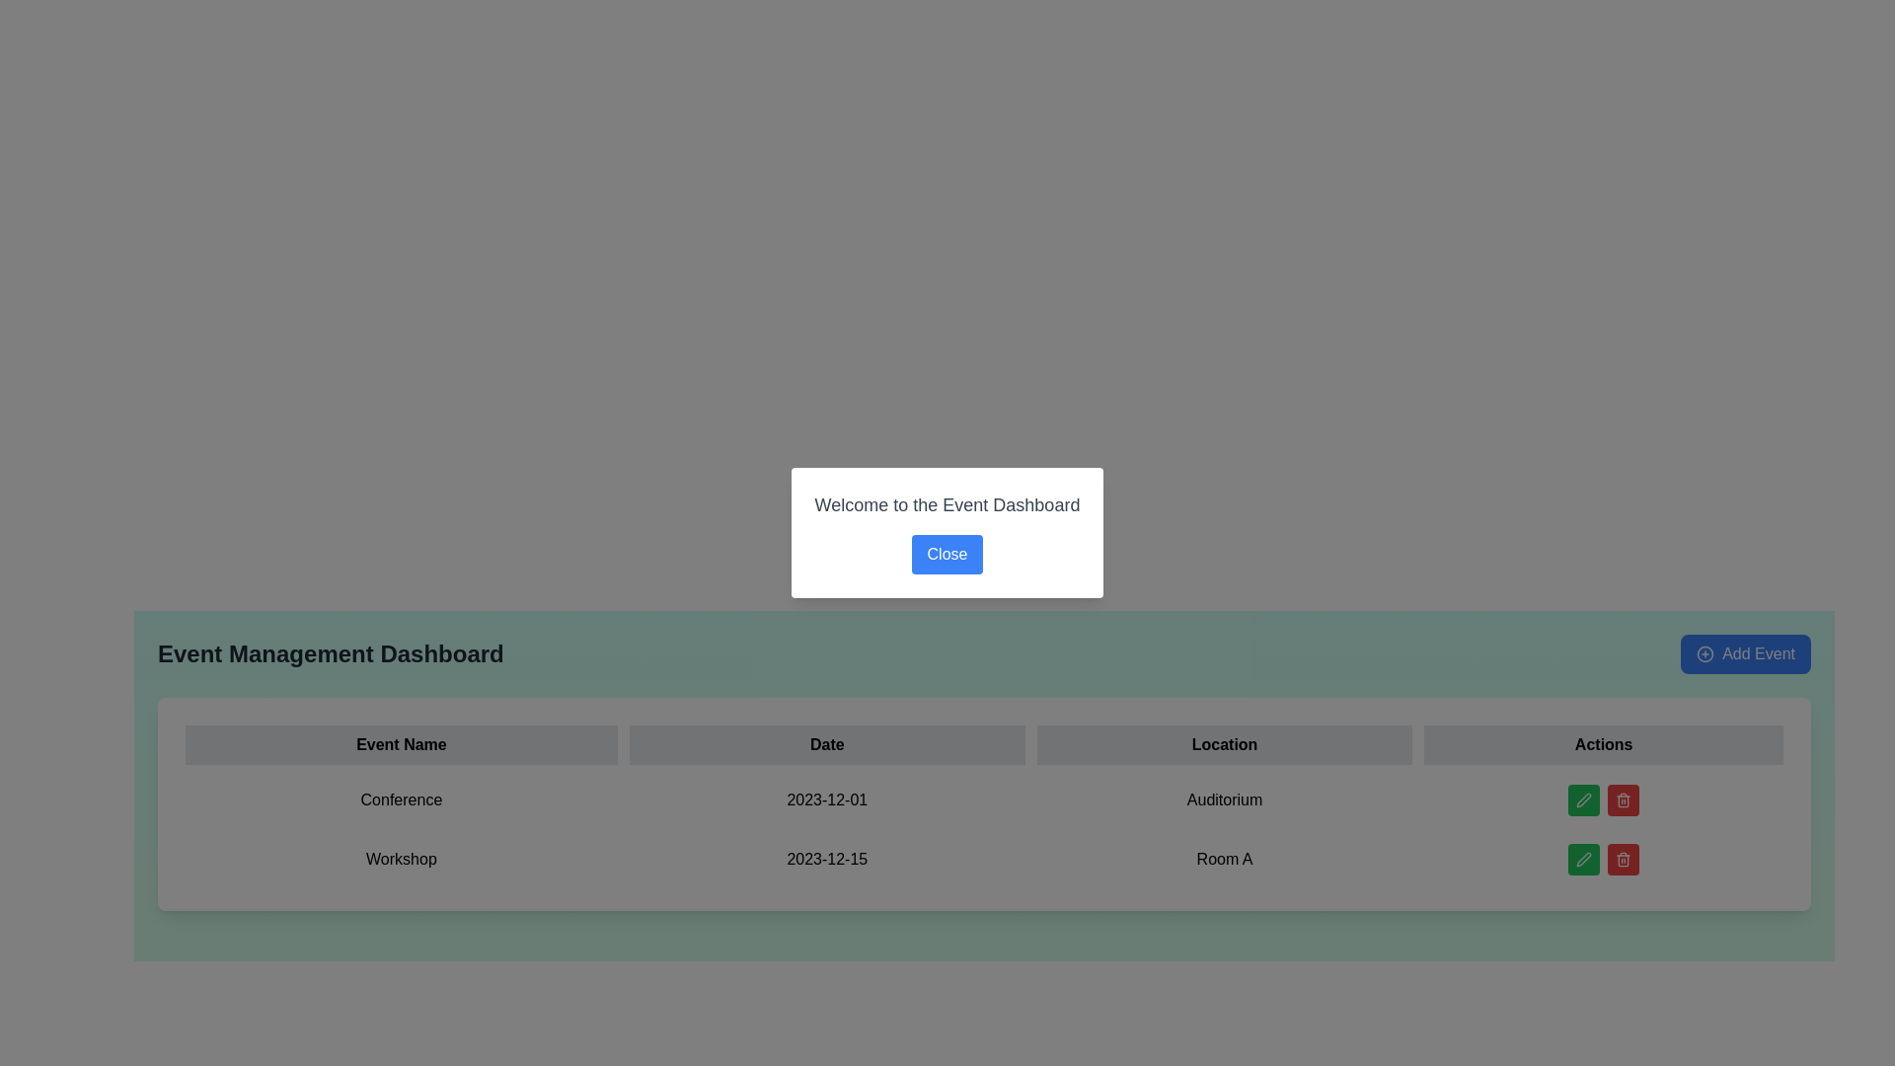 The height and width of the screenshot is (1066, 1895). Describe the element at coordinates (947, 533) in the screenshot. I see `the 'Close' button on the dialog box labeled 'Welcome to the Event Dashboard'` at that location.